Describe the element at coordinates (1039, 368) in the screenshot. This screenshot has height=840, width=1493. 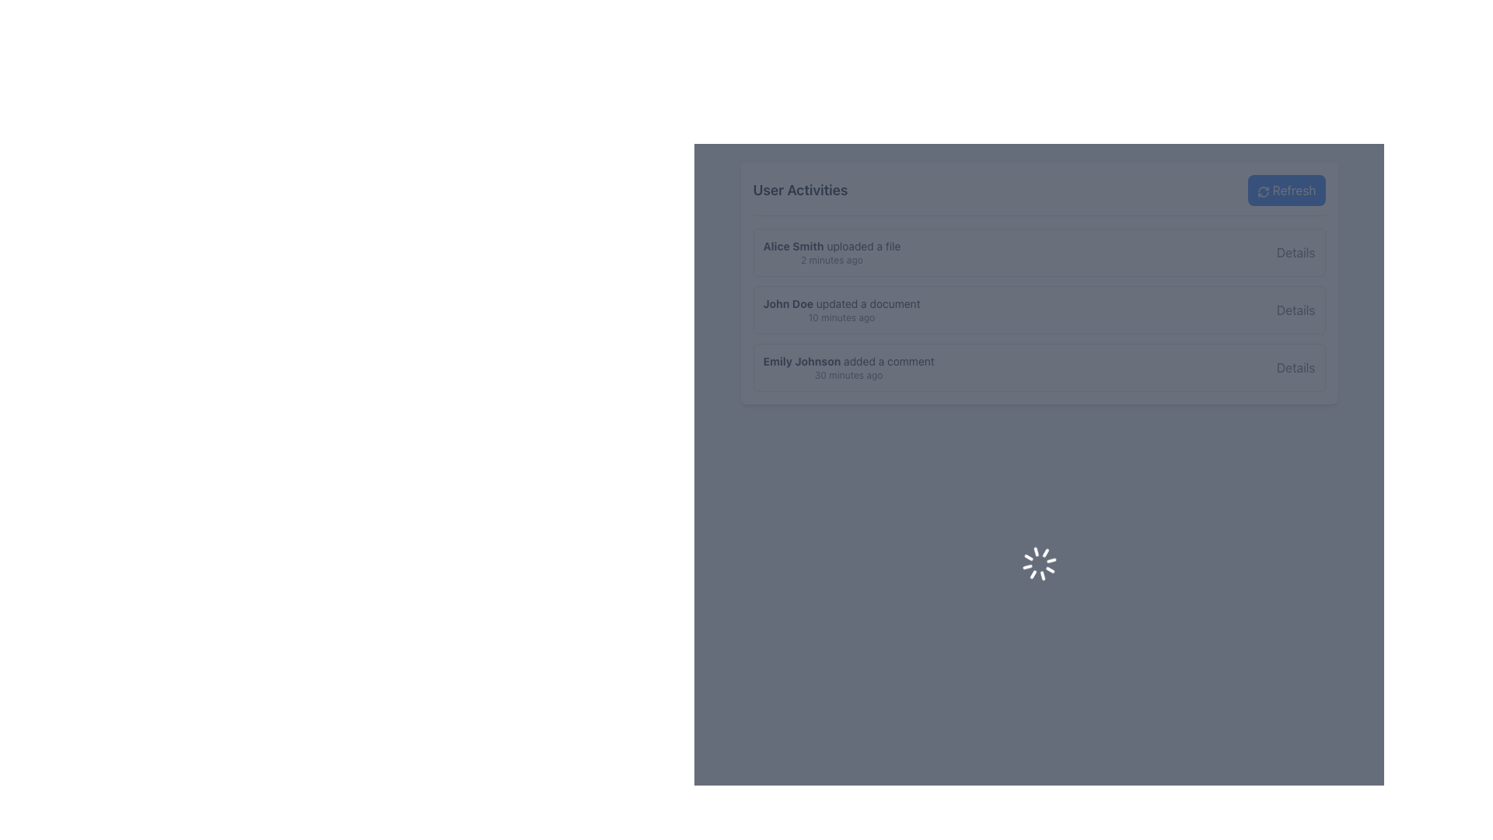
I see `the list item entry containing 'Emily Johnson', 'added a comment', and '30 minutes ago', located in the third position of the user activity list` at that location.